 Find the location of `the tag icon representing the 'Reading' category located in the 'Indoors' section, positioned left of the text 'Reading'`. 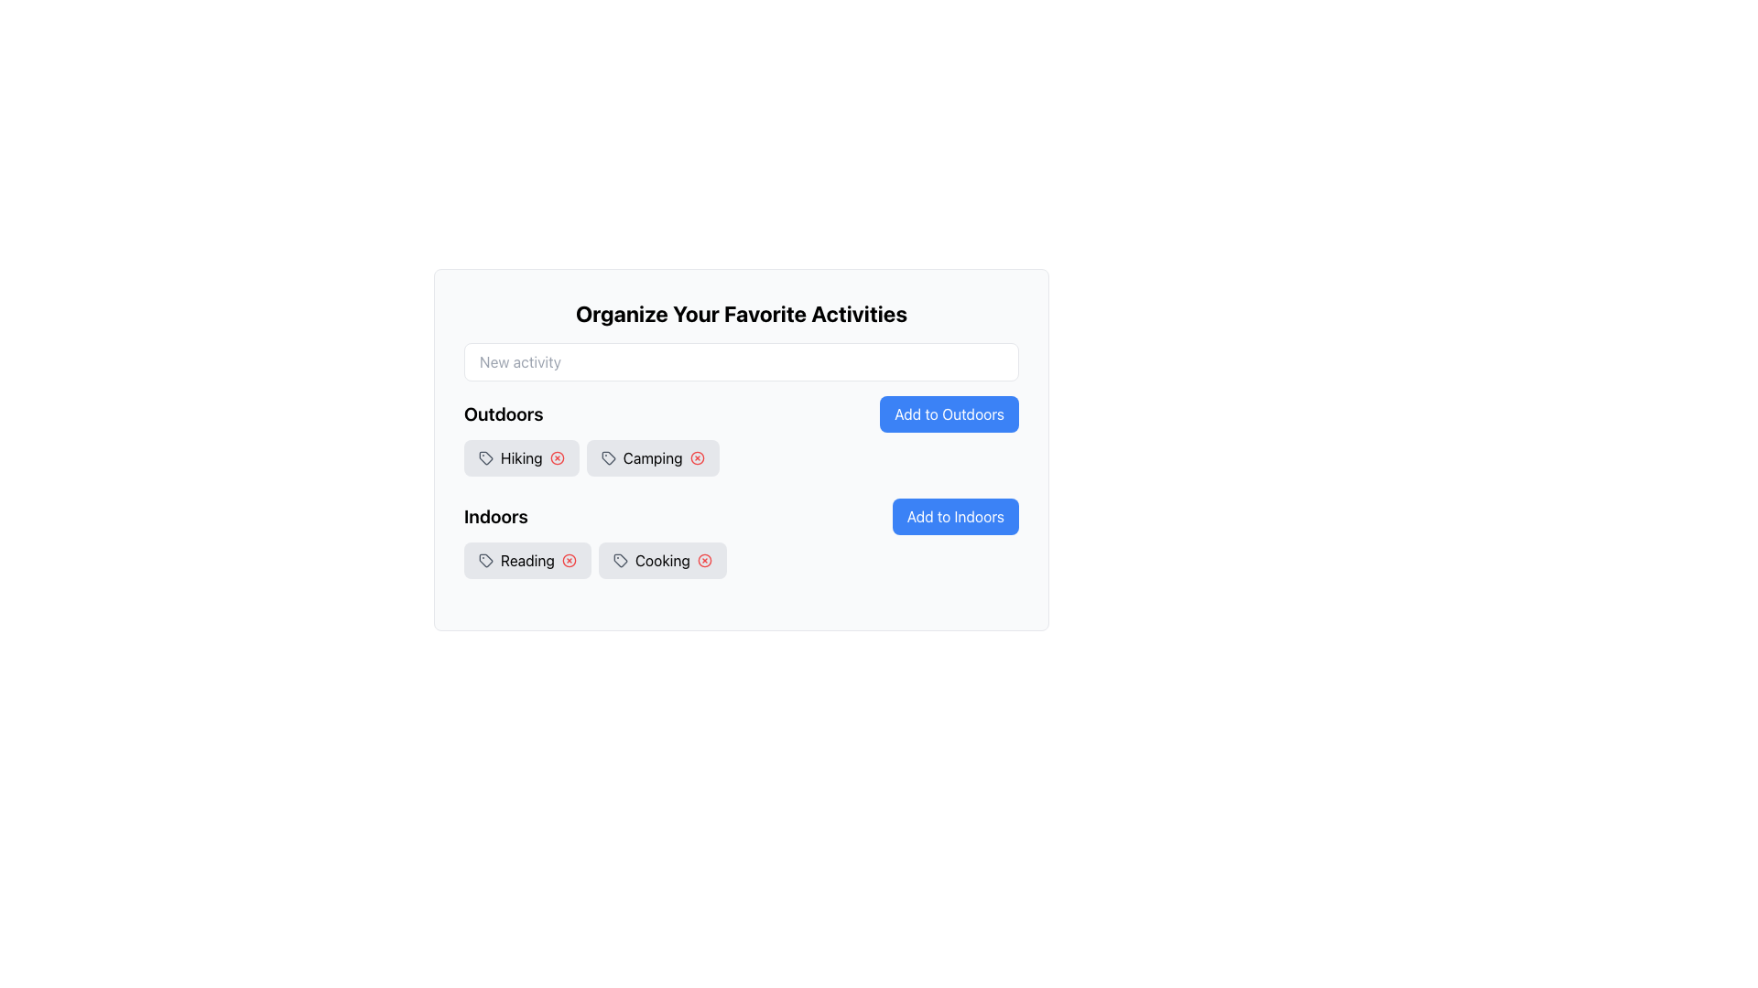

the tag icon representing the 'Reading' category located in the 'Indoors' section, positioned left of the text 'Reading' is located at coordinates (486, 560).